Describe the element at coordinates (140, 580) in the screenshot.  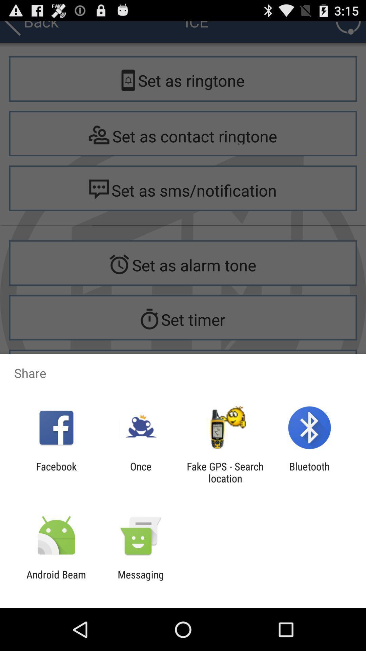
I see `the messaging item` at that location.